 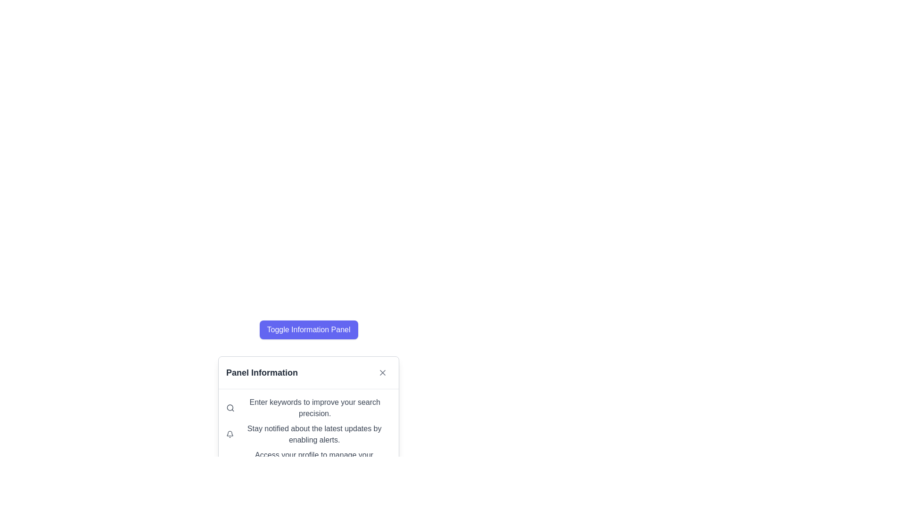 What do you see at coordinates (382, 372) in the screenshot?
I see `the small circular close button with an 'X' icon located in the top-right corner of the 'Panel Information' panel` at bounding box center [382, 372].